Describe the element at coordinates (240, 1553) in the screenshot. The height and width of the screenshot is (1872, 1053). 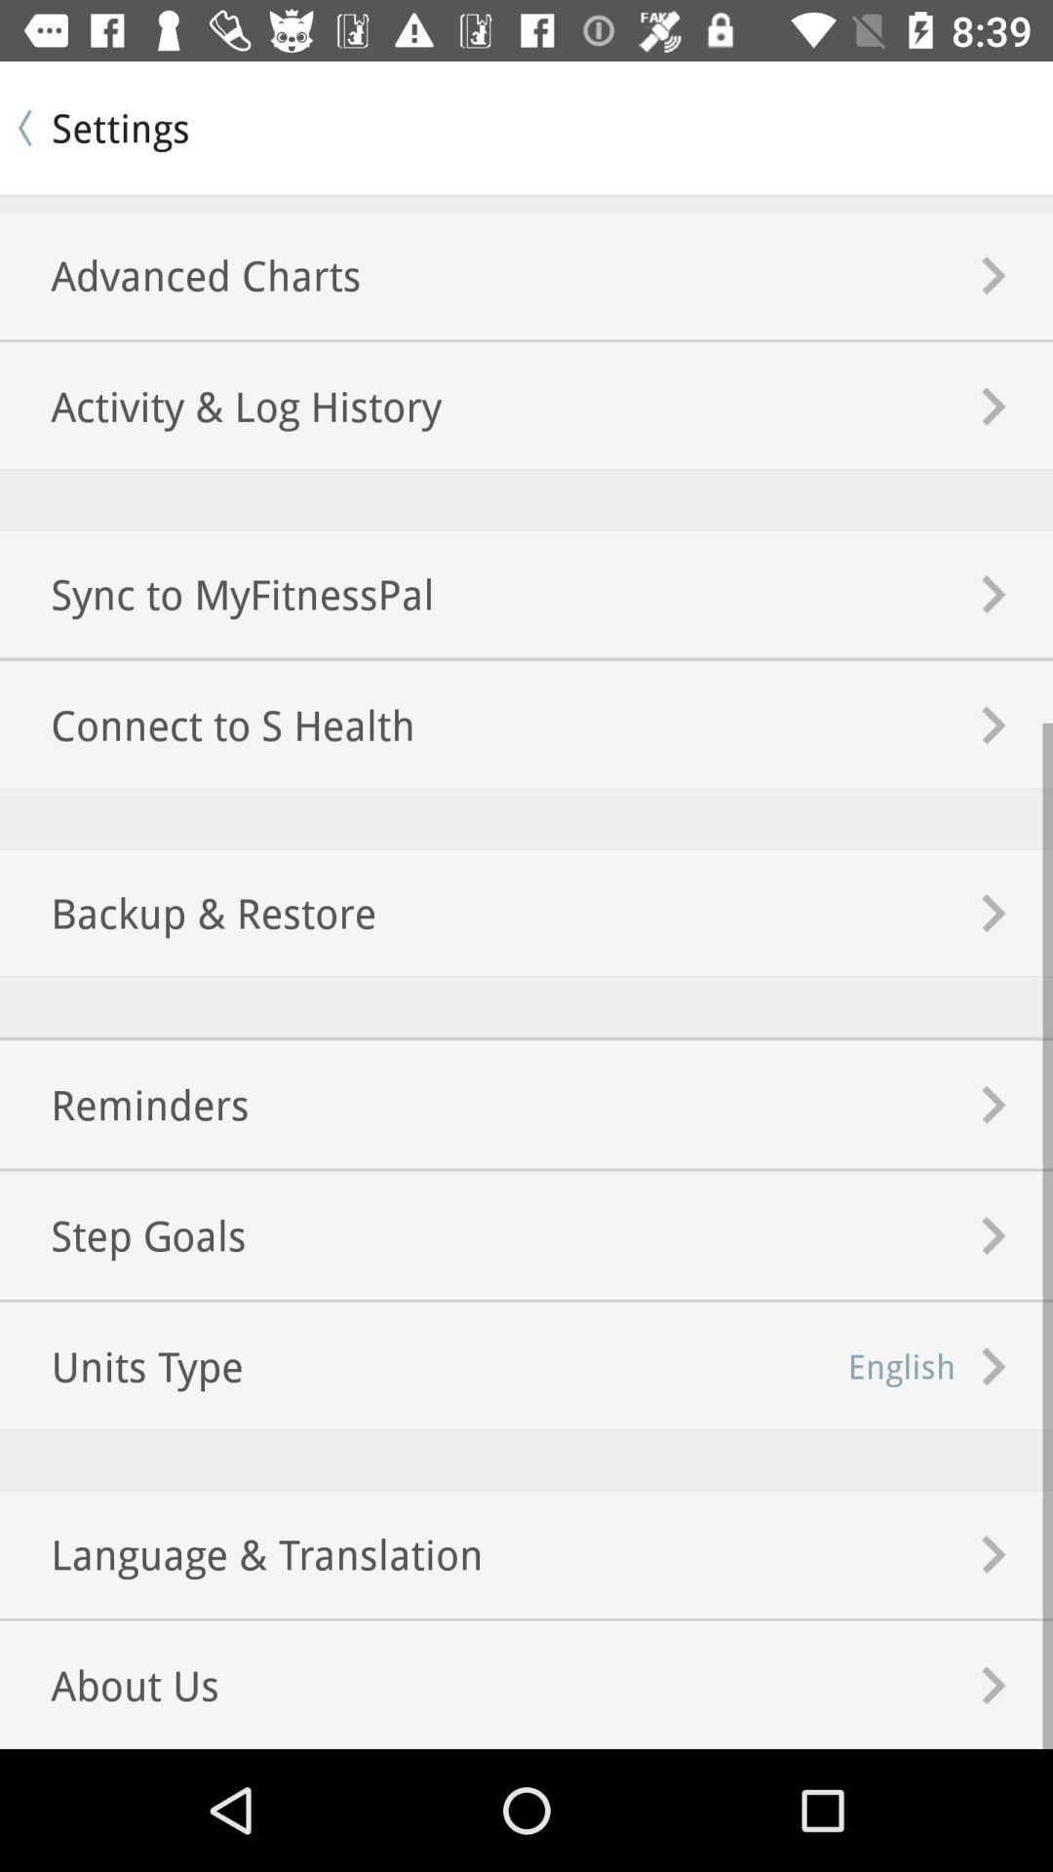
I see `language & translation item` at that location.